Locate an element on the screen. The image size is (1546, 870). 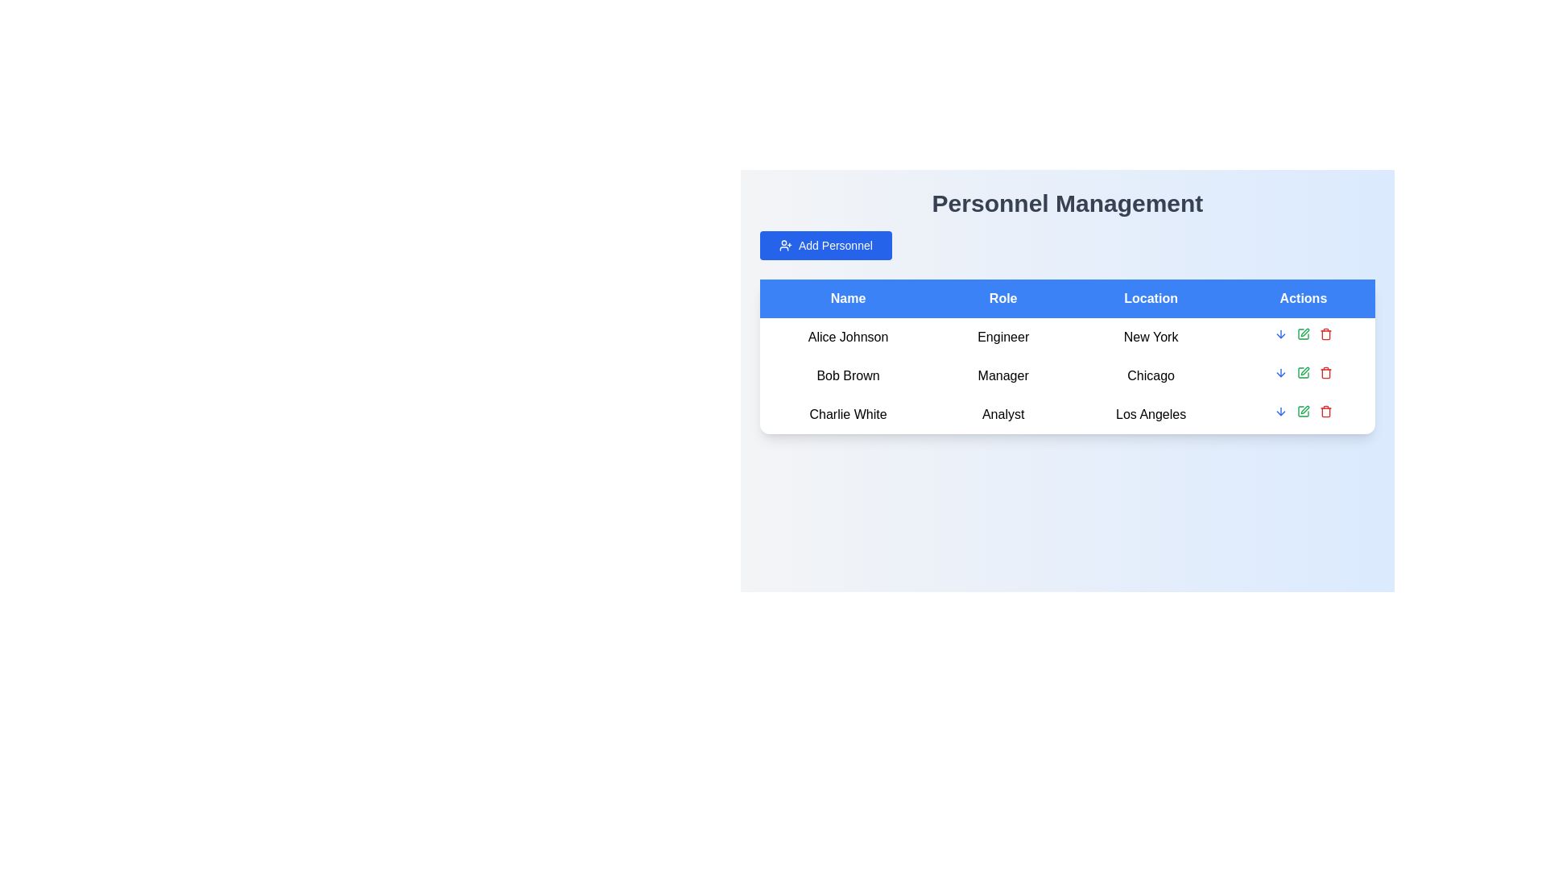
text content of the 'Analyst' role designation for 'Charlie White' located in the second cell of the 'Role' column in the table is located at coordinates (1002, 414).